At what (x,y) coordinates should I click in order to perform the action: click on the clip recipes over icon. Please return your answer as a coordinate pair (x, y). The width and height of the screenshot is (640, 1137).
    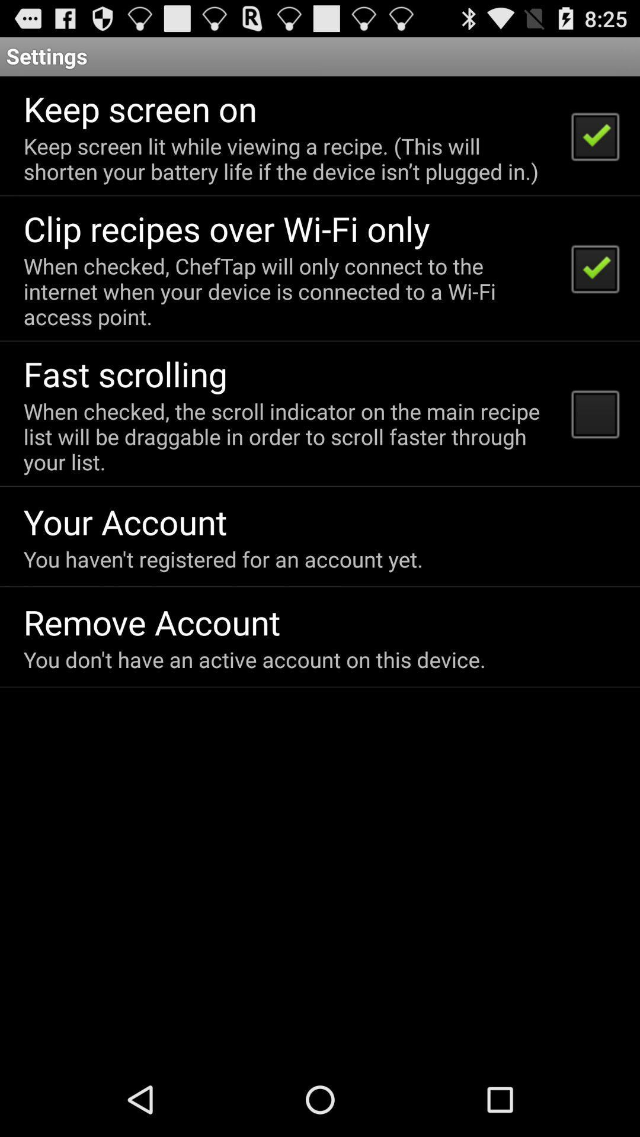
    Looking at the image, I should click on (226, 228).